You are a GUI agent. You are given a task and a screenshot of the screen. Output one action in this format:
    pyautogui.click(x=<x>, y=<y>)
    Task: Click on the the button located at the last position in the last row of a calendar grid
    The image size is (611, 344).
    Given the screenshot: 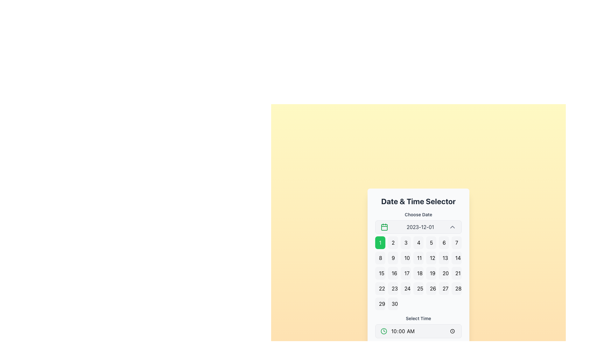 What is the action you would take?
    pyautogui.click(x=392, y=303)
    